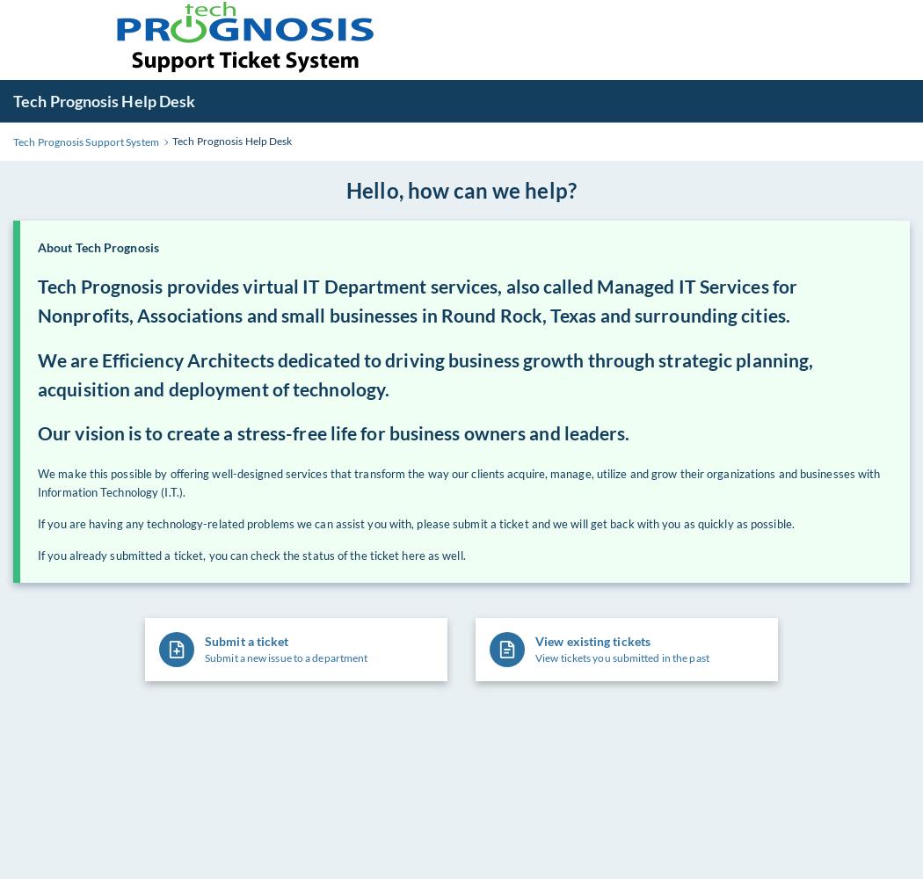 Image resolution: width=923 pixels, height=879 pixels. I want to click on 'Tech Prognosis Support System', so click(85, 141).